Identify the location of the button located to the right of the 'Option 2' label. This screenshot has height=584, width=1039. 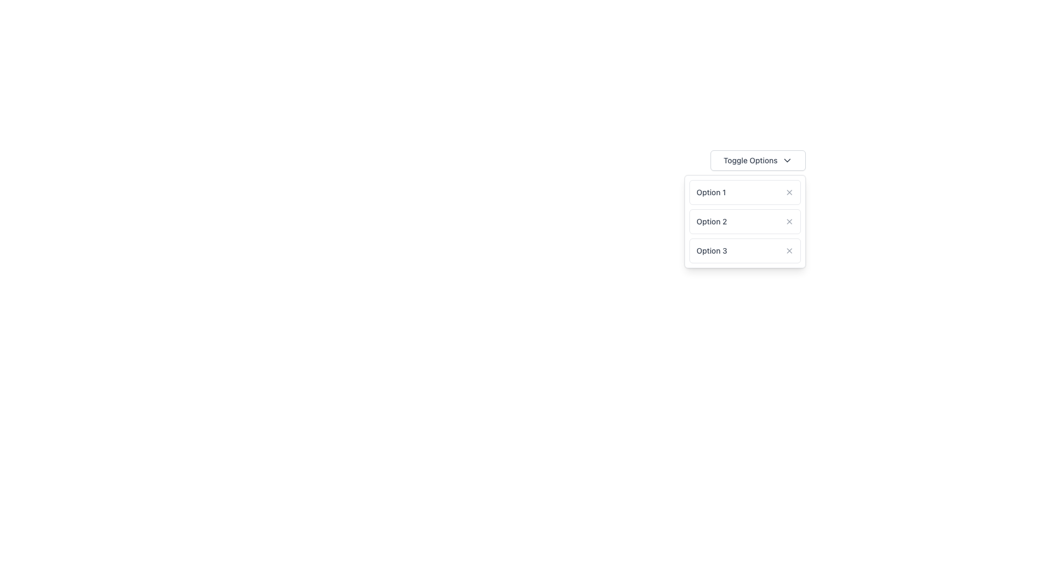
(790, 221).